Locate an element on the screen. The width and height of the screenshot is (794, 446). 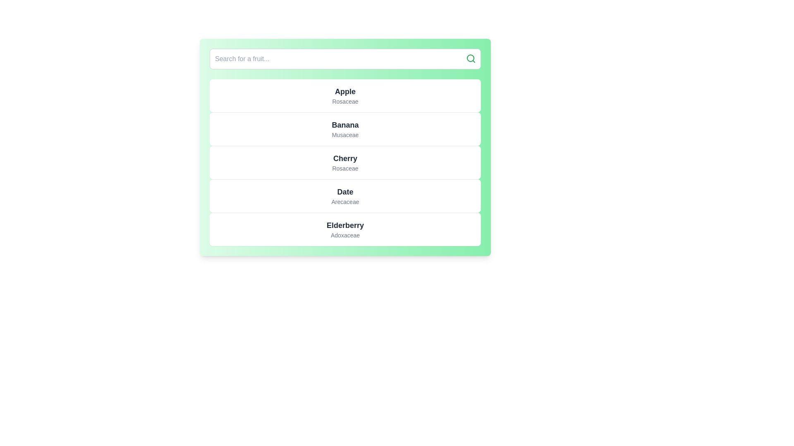
the text label 'Rosaceae', which is displayed in a smaller, lighter gray font below the bold text 'Apple' within a card-like list item is located at coordinates (345, 101).